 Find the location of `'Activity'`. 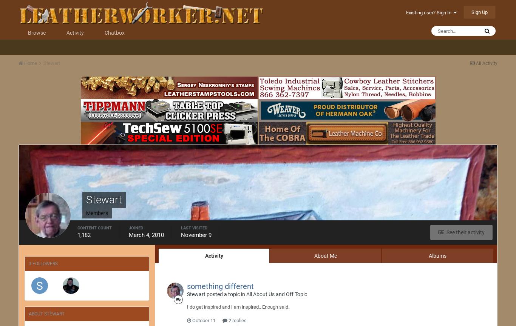

'Activity' is located at coordinates (213, 255).